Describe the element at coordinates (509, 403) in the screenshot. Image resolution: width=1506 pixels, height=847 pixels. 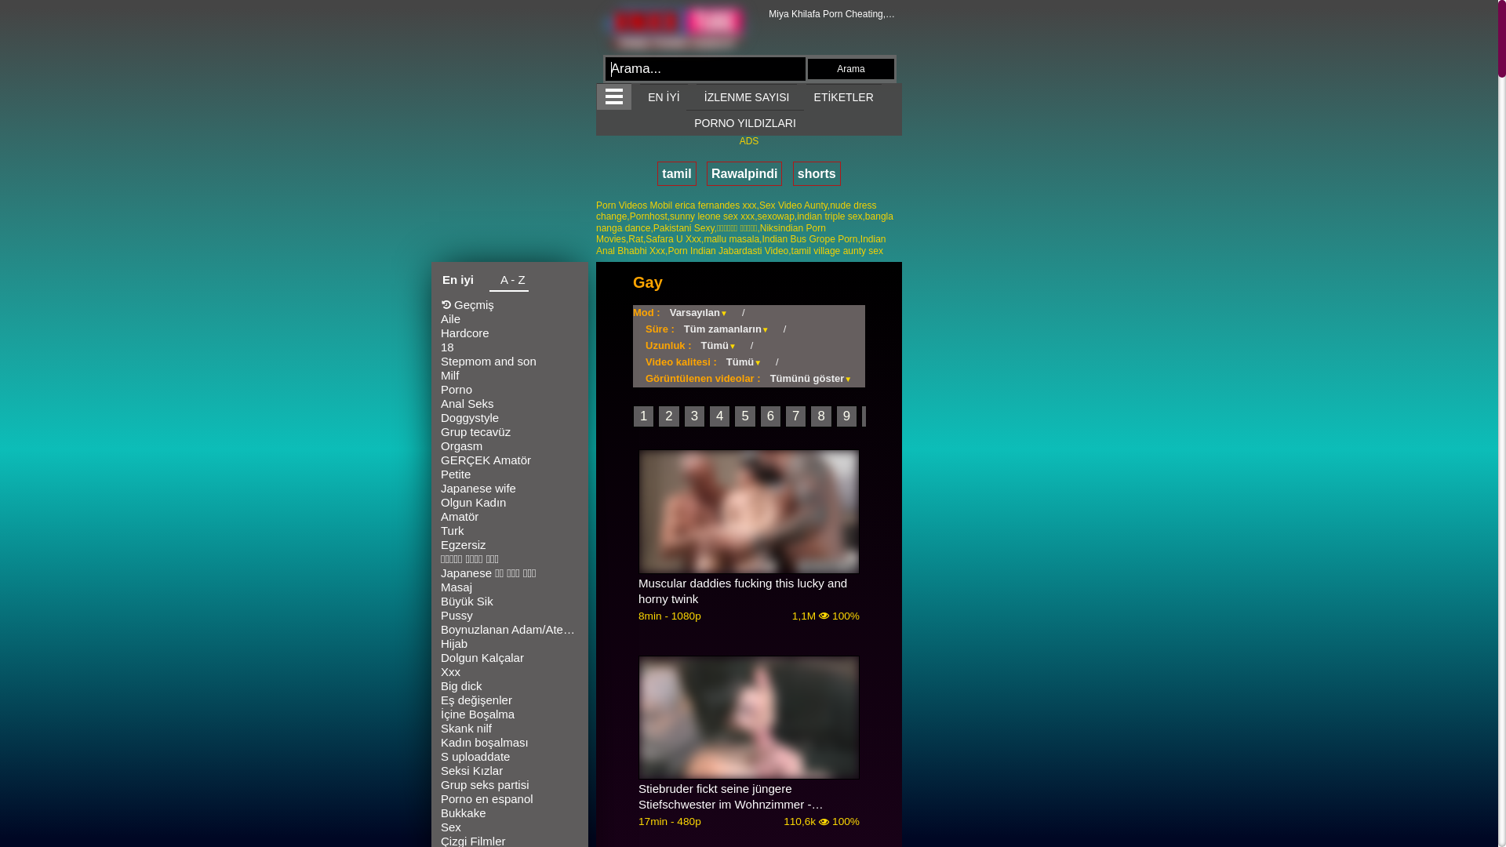
I see `'Anal Seks'` at that location.